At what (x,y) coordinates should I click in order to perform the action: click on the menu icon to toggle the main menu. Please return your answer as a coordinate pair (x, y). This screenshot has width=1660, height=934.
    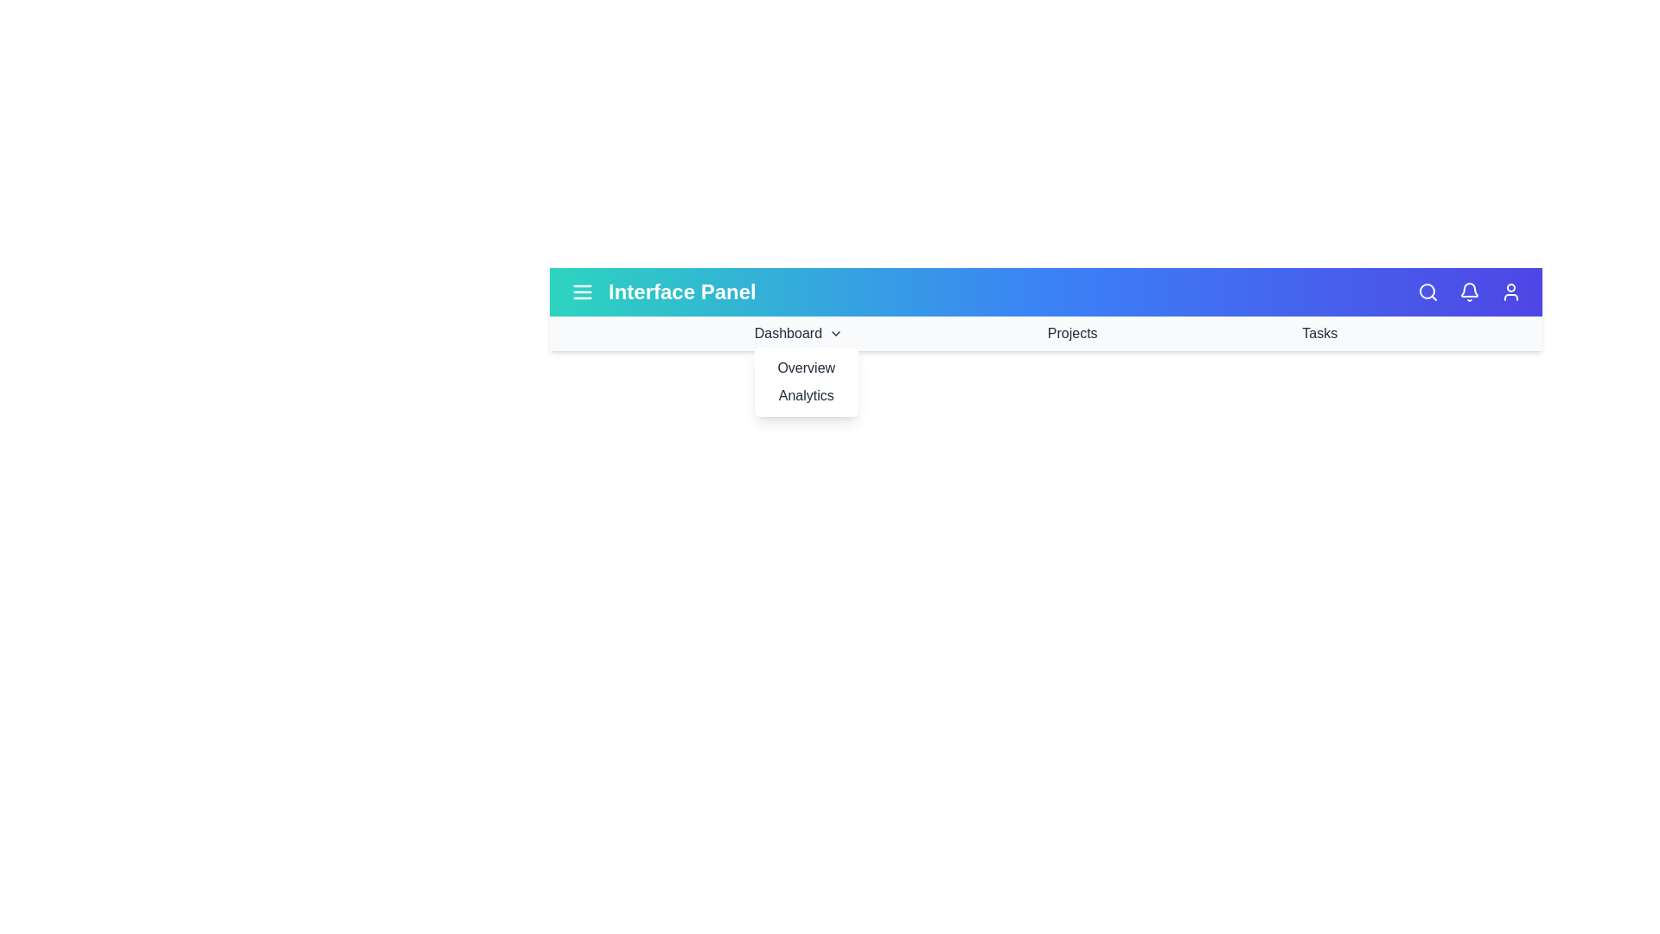
    Looking at the image, I should click on (582, 291).